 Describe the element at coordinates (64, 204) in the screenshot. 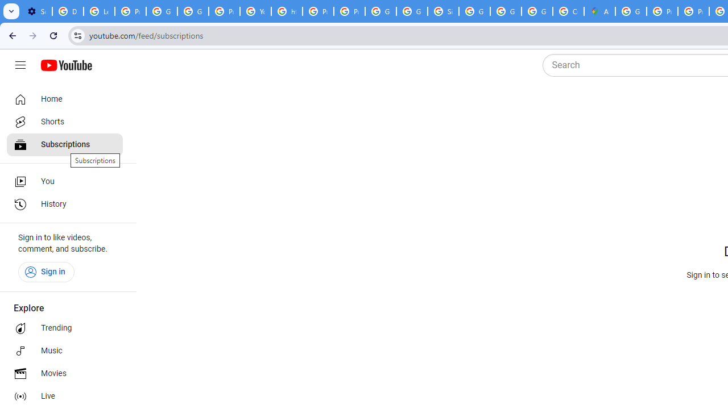

I see `'History'` at that location.